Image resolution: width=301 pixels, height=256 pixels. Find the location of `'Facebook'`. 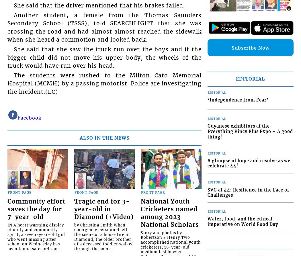

'Facebook' is located at coordinates (30, 117).